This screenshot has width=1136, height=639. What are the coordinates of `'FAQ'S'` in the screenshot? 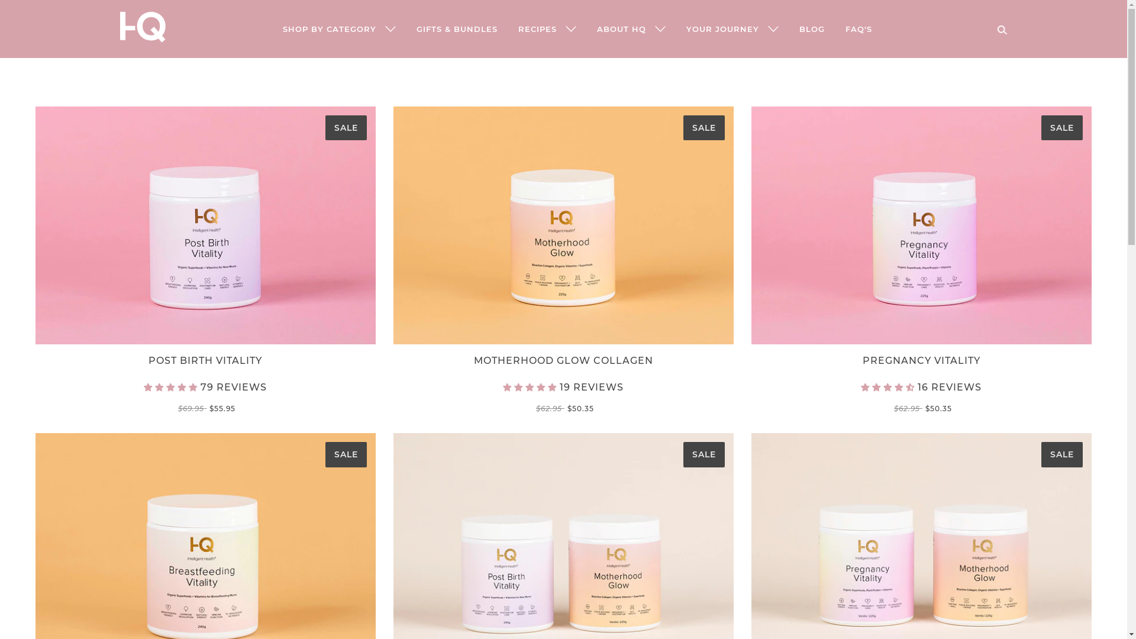 It's located at (859, 28).